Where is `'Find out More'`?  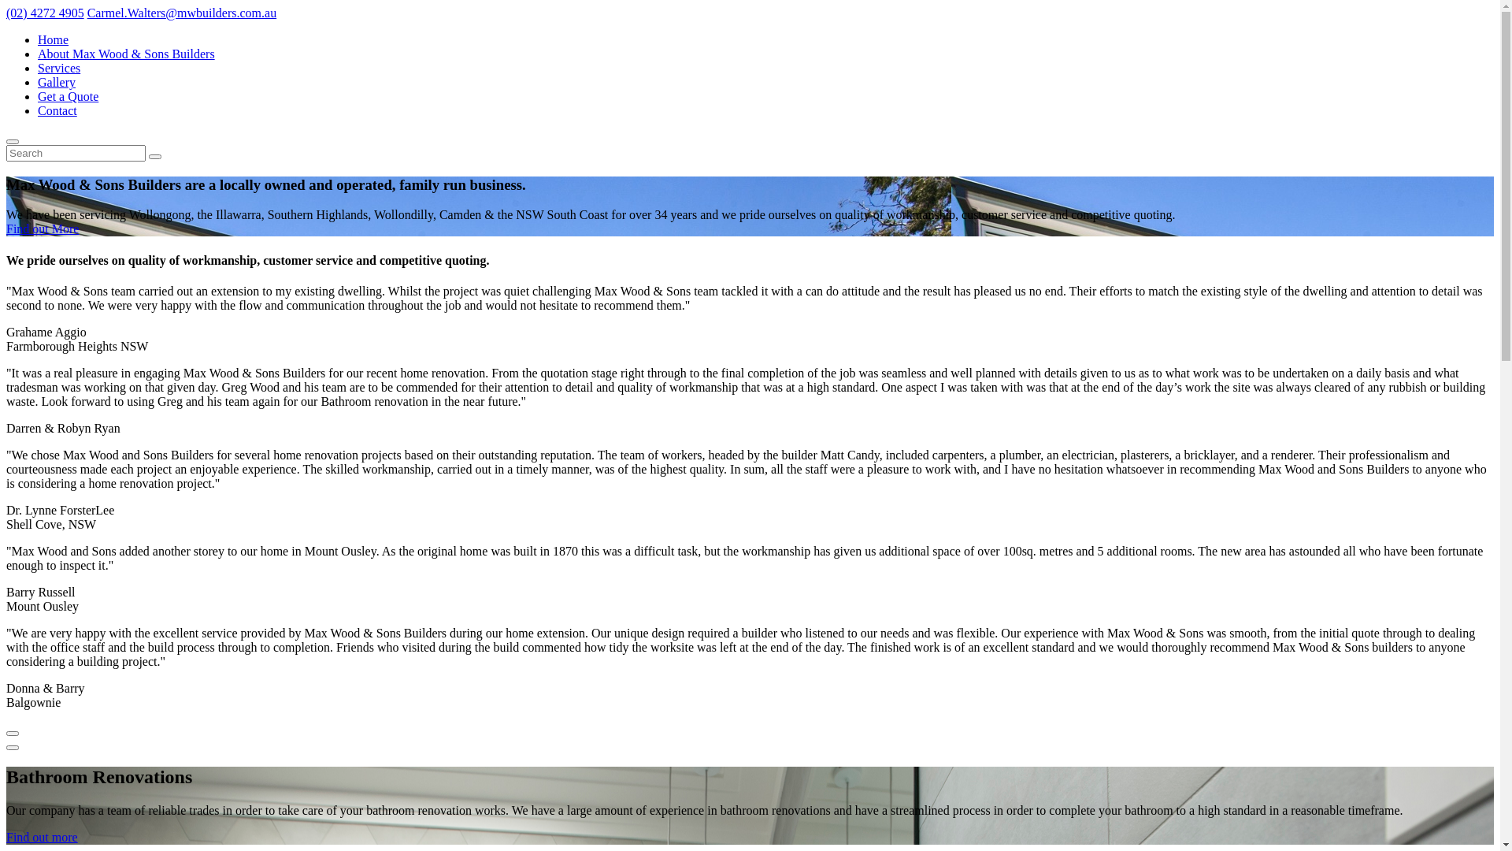 'Find out More' is located at coordinates (42, 229).